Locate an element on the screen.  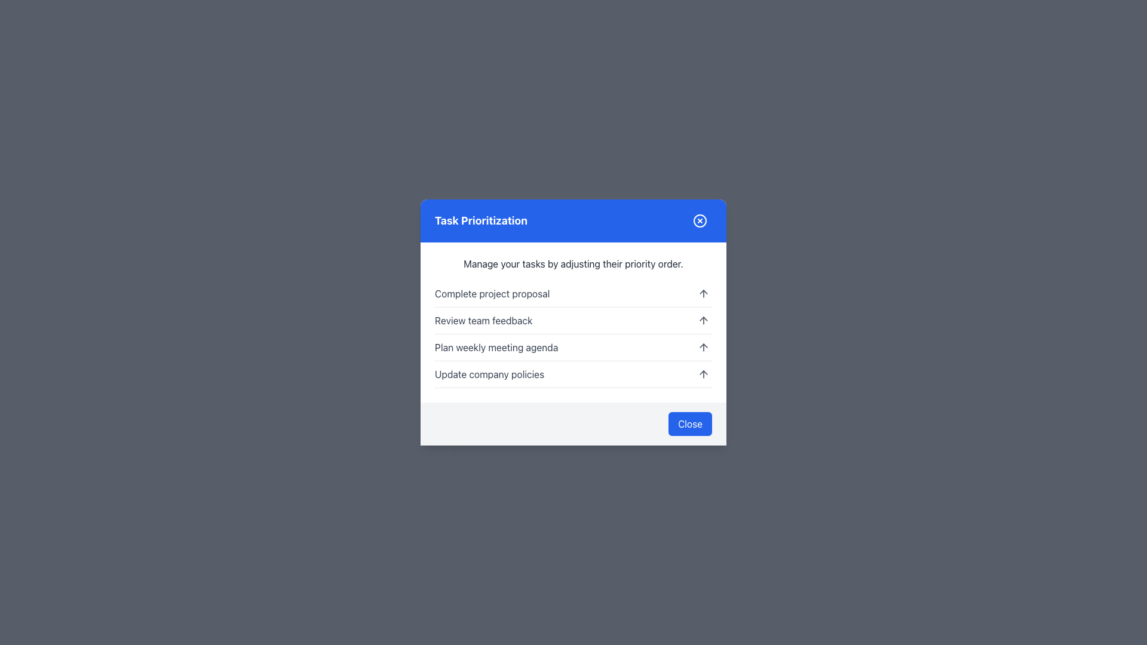
title of the modal dialog, which is a Text label positioned on the left side of the header section, indicating the context of task prioritization is located at coordinates (481, 221).